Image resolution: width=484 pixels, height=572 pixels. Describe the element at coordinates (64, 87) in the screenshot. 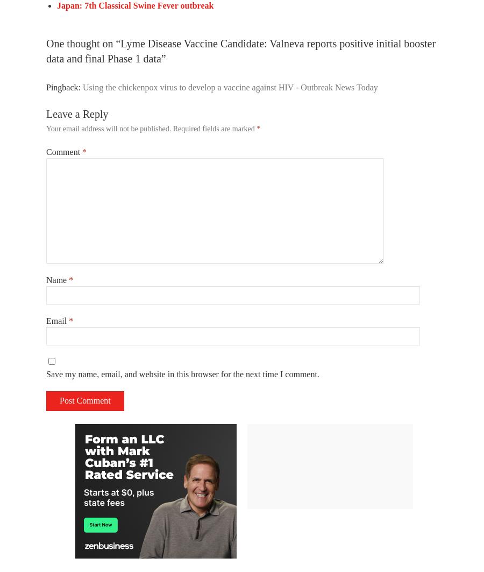

I see `'Pingback:'` at that location.